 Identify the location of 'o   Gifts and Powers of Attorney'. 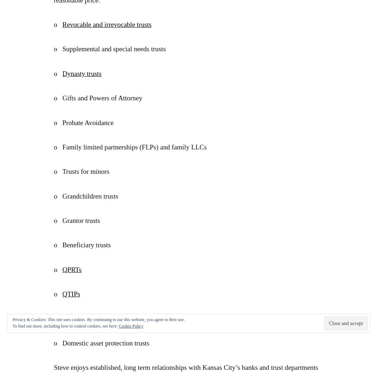
(98, 98).